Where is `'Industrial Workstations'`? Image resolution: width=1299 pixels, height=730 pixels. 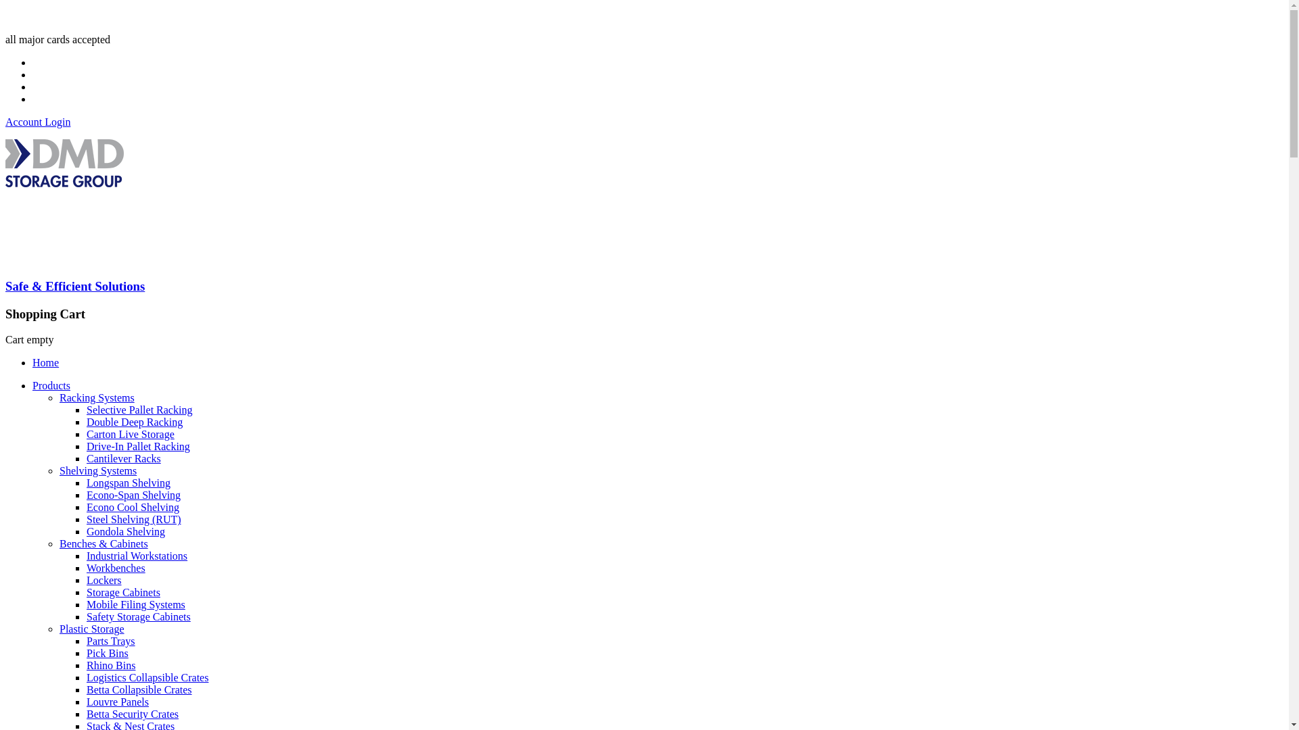
'Industrial Workstations' is located at coordinates (86, 556).